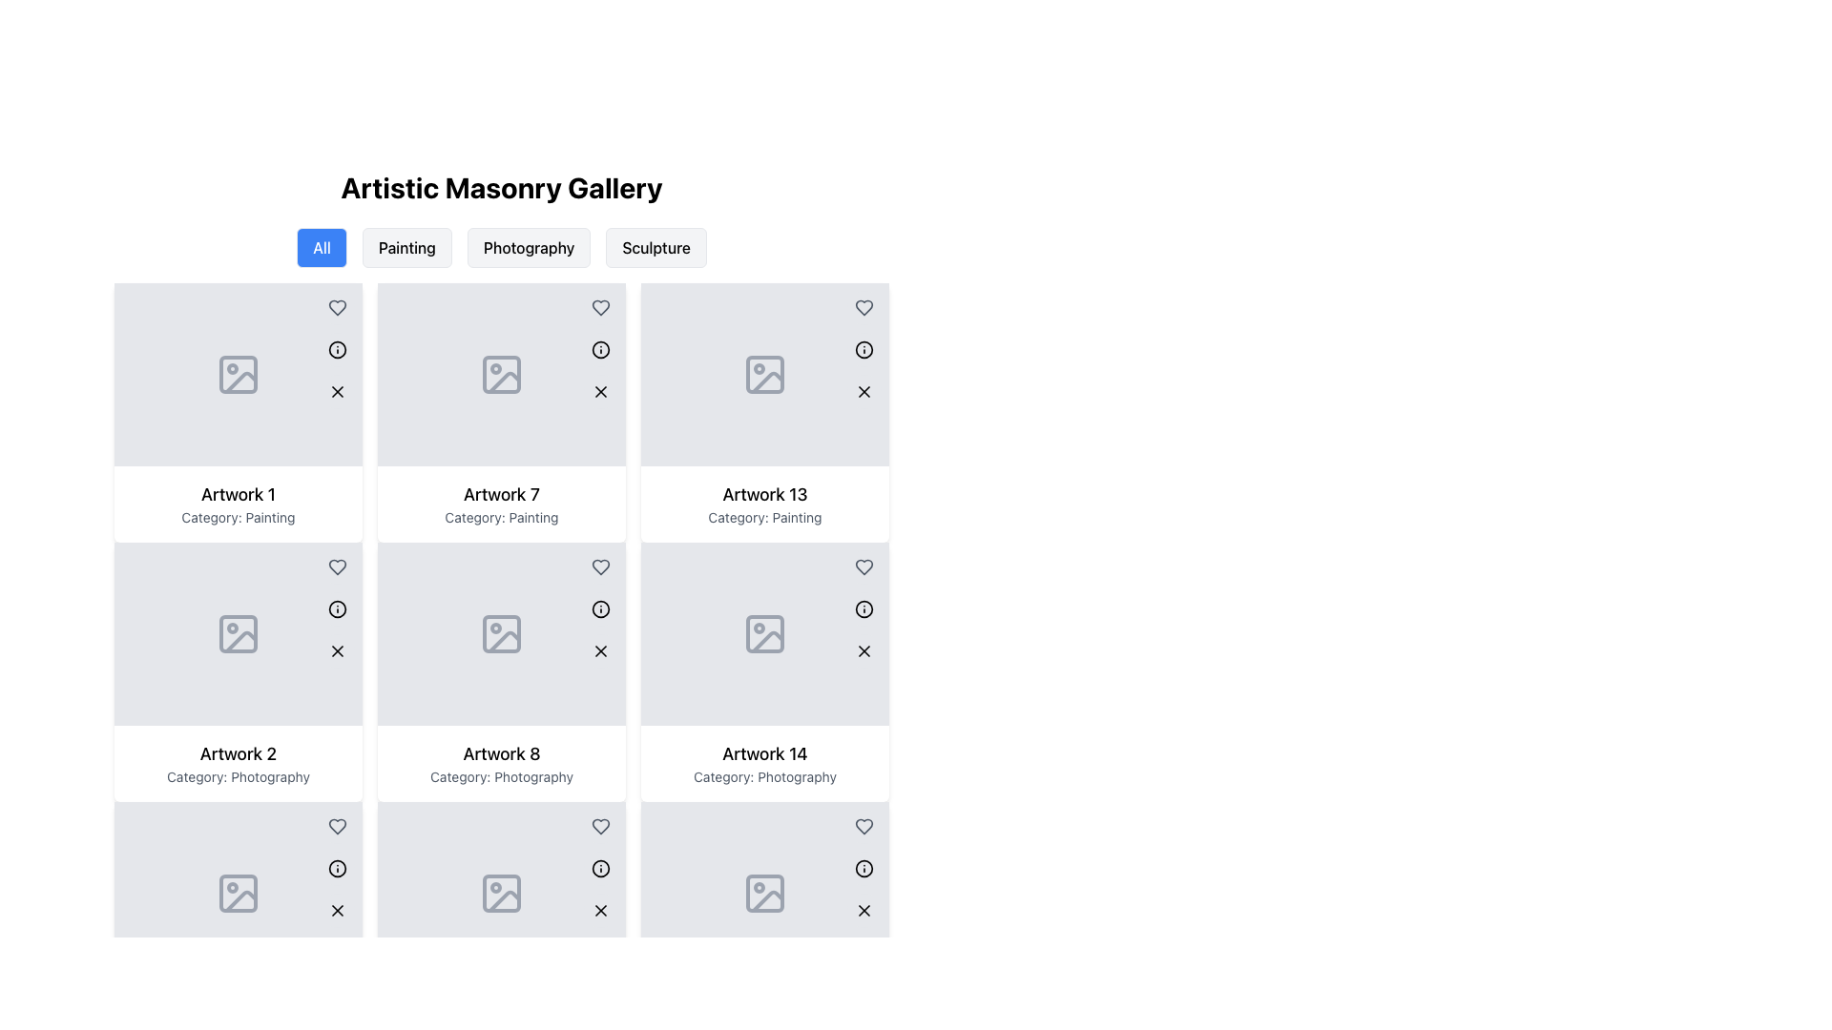 Image resolution: width=1832 pixels, height=1030 pixels. Describe the element at coordinates (599, 910) in the screenshot. I see `the small circular gray button with a black 'X' icon located at the bottom-right corner of the 'Artwork 8: Category: Photography' card` at that location.